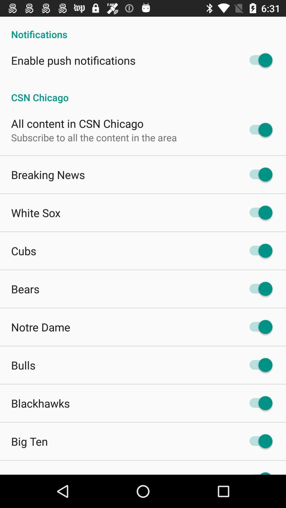 This screenshot has height=508, width=286. I want to click on the icon above big ten app, so click(40, 403).